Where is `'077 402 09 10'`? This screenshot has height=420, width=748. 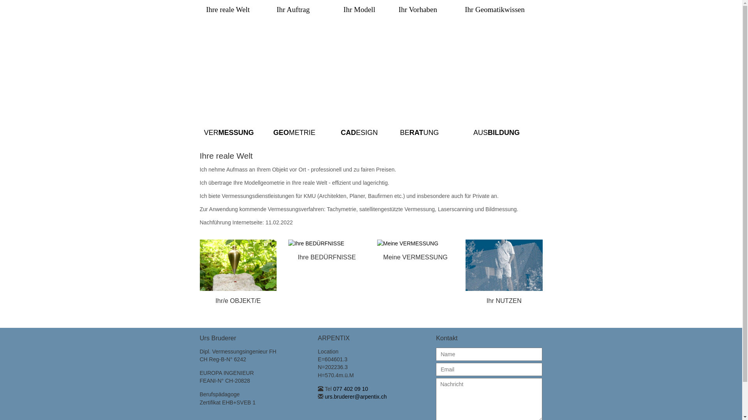 '077 402 09 10' is located at coordinates (350, 388).